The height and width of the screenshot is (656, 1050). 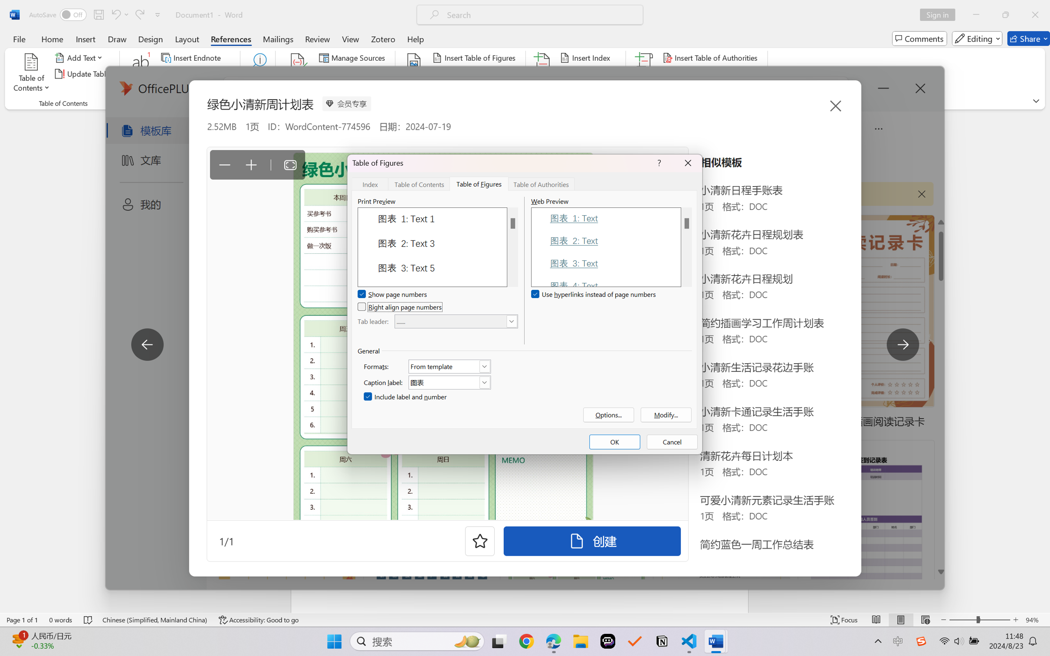 I want to click on 'Caption label:', so click(x=450, y=382).